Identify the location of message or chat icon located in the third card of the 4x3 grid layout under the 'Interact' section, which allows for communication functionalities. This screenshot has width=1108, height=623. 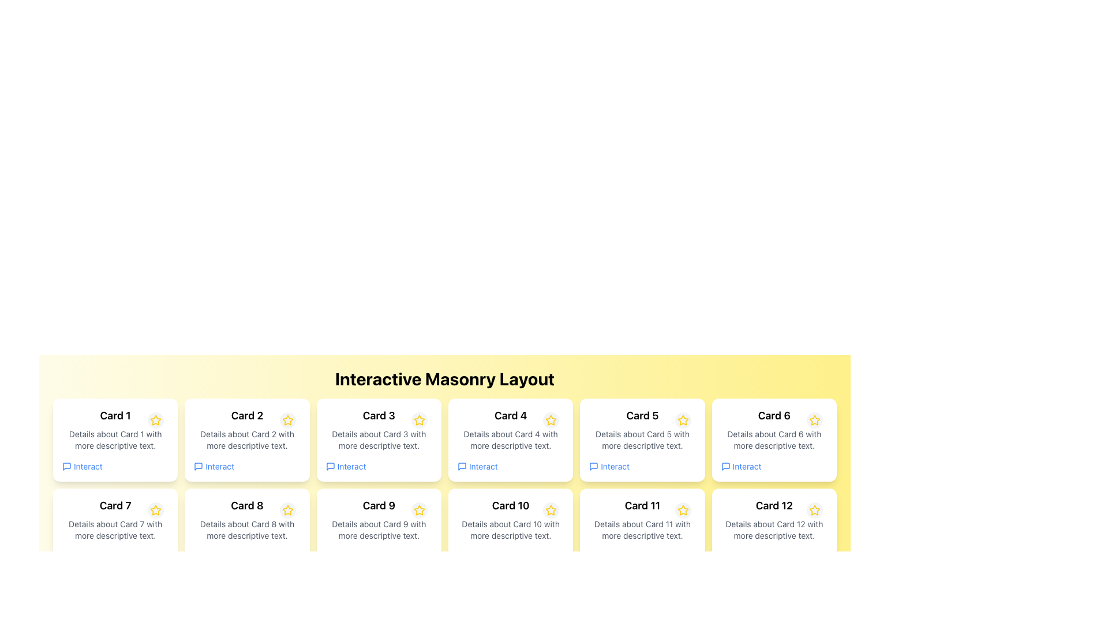
(330, 466).